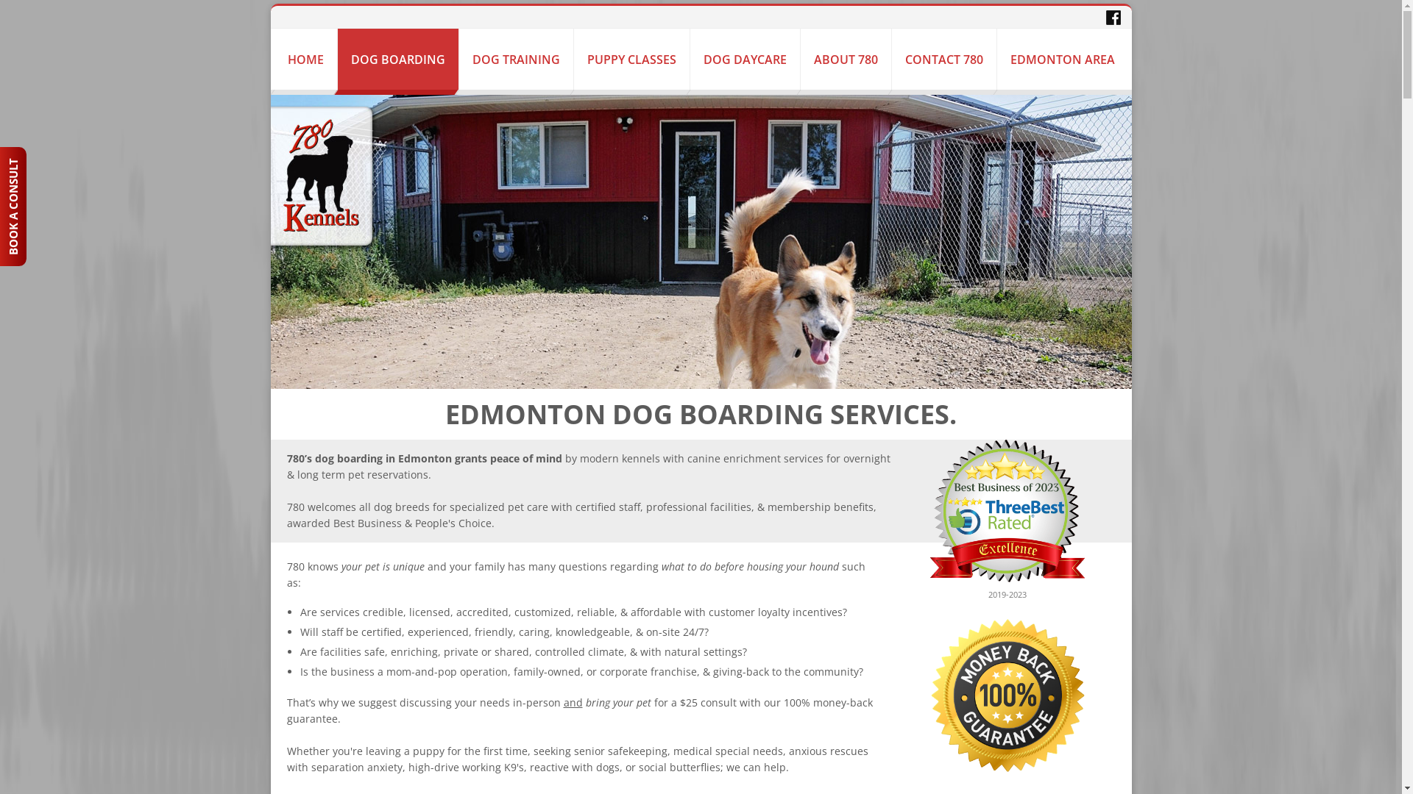  Describe the element at coordinates (846, 58) in the screenshot. I see `'ABOUT 780'` at that location.